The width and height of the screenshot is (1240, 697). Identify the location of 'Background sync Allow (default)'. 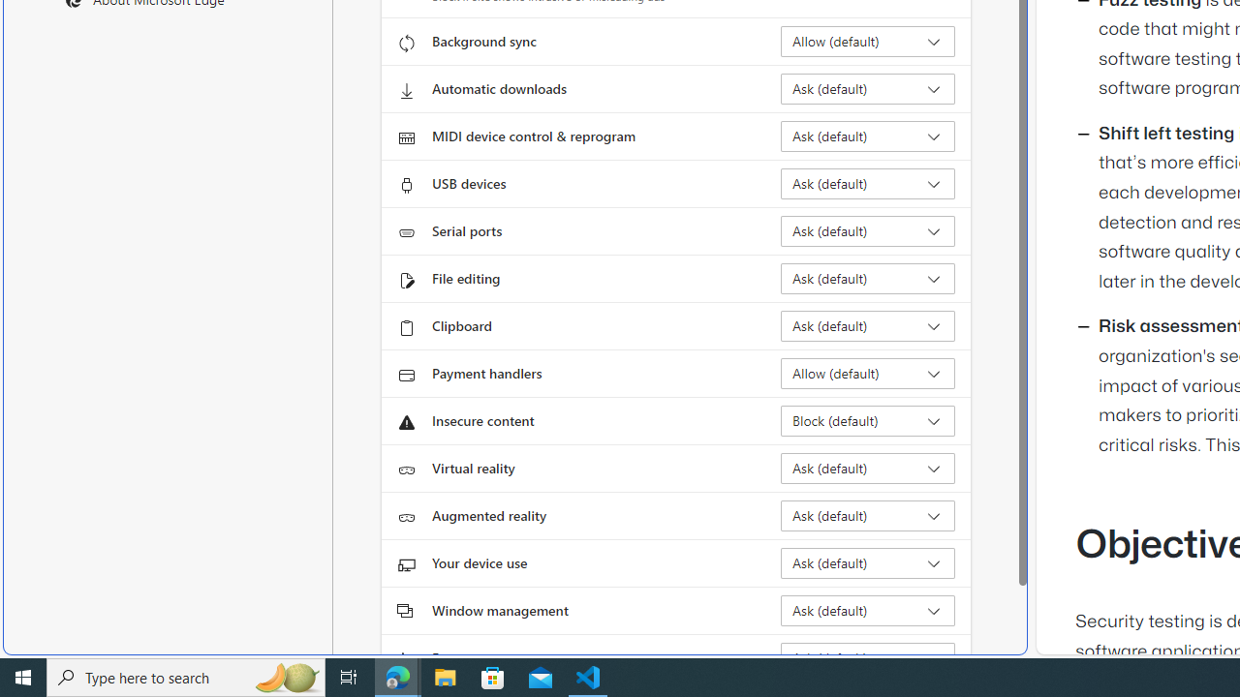
(867, 42).